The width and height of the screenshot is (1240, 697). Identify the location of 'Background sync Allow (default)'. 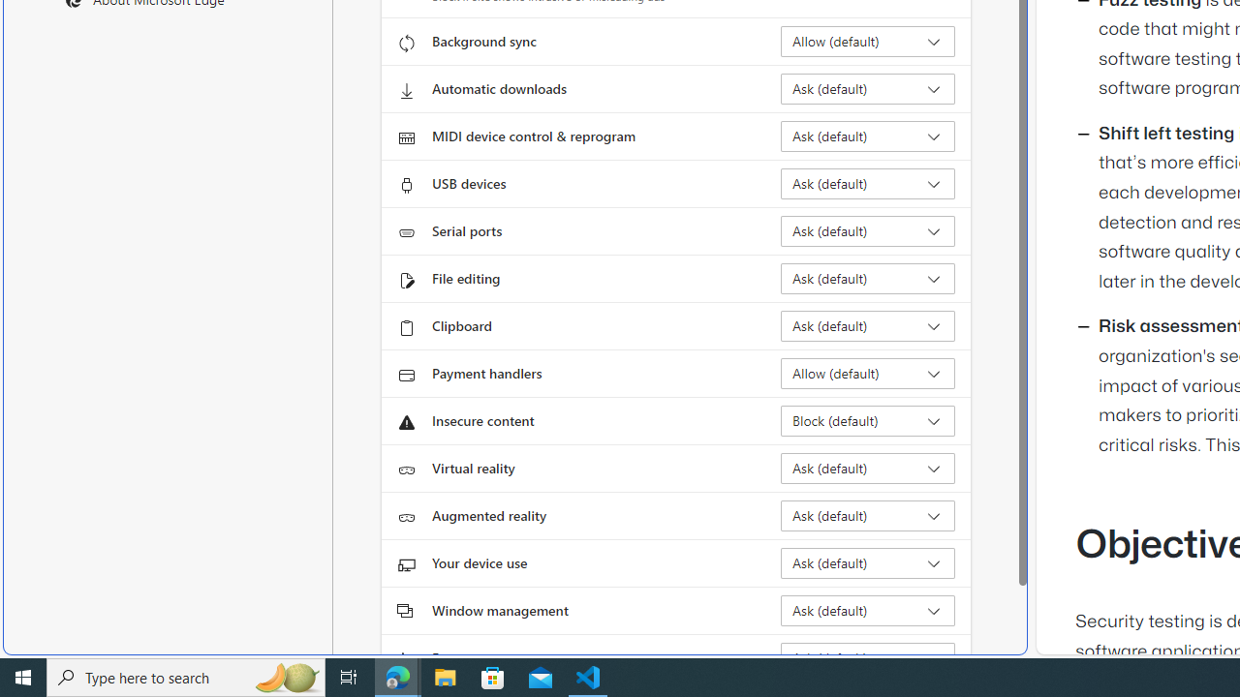
(867, 42).